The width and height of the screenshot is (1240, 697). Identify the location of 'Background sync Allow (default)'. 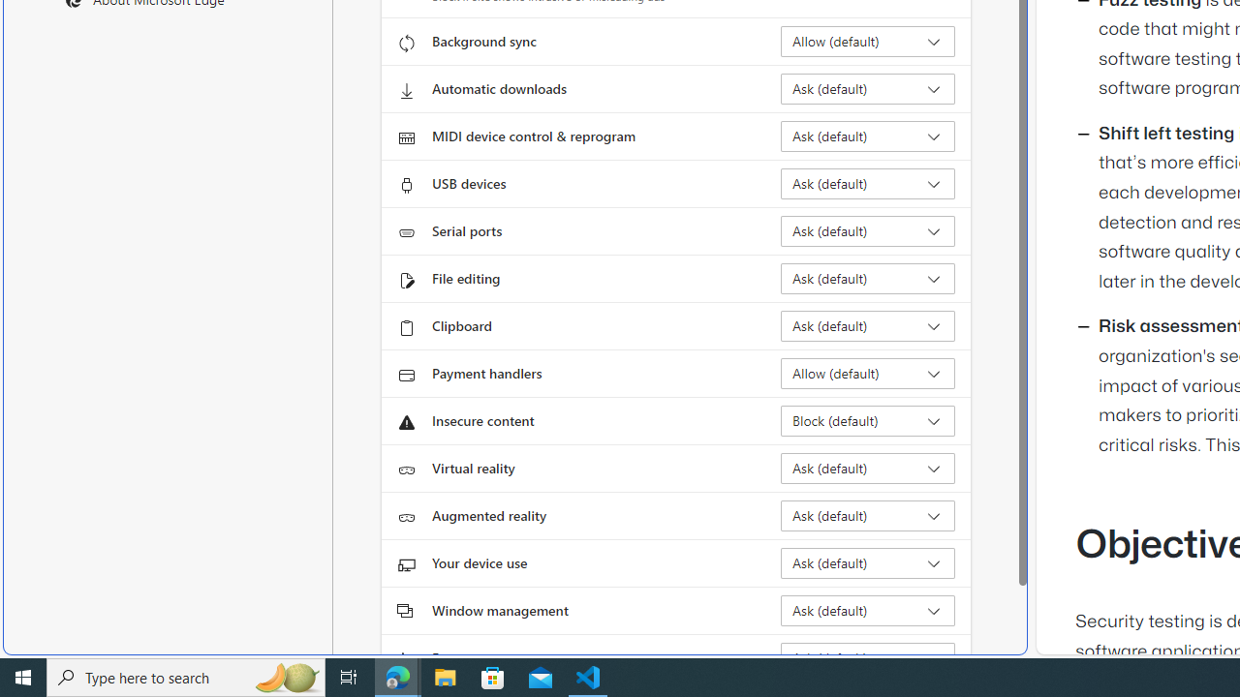
(867, 42).